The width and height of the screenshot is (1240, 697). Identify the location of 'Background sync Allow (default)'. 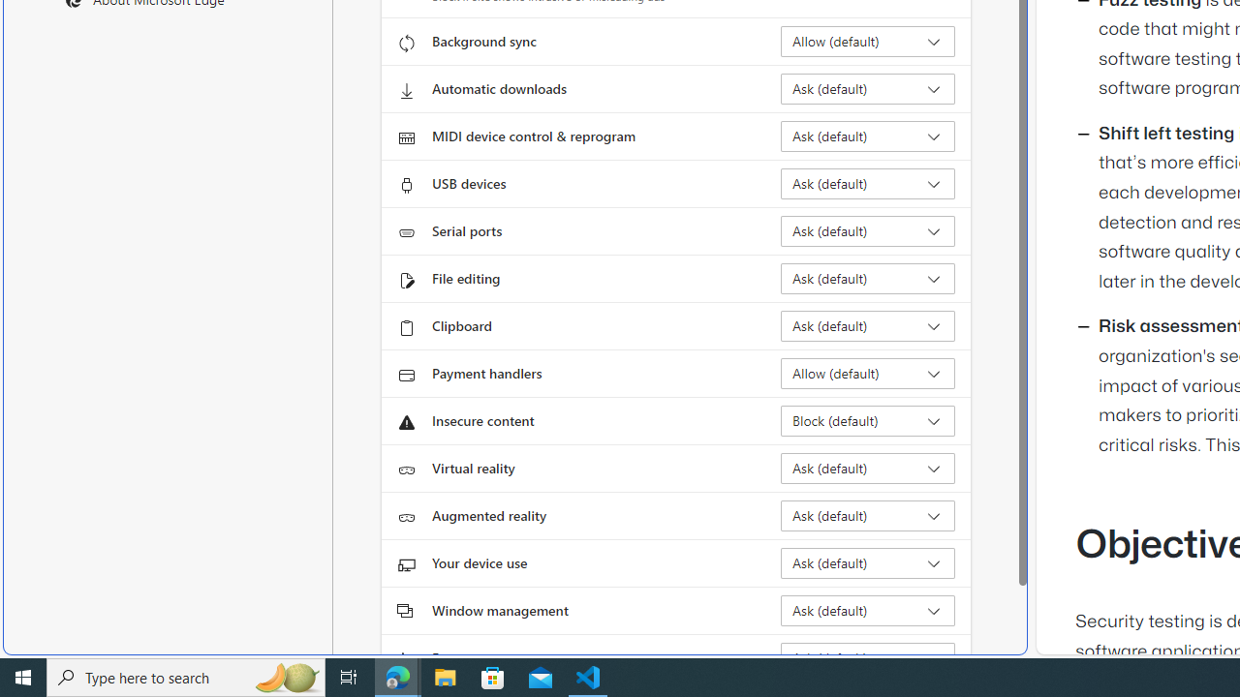
(867, 42).